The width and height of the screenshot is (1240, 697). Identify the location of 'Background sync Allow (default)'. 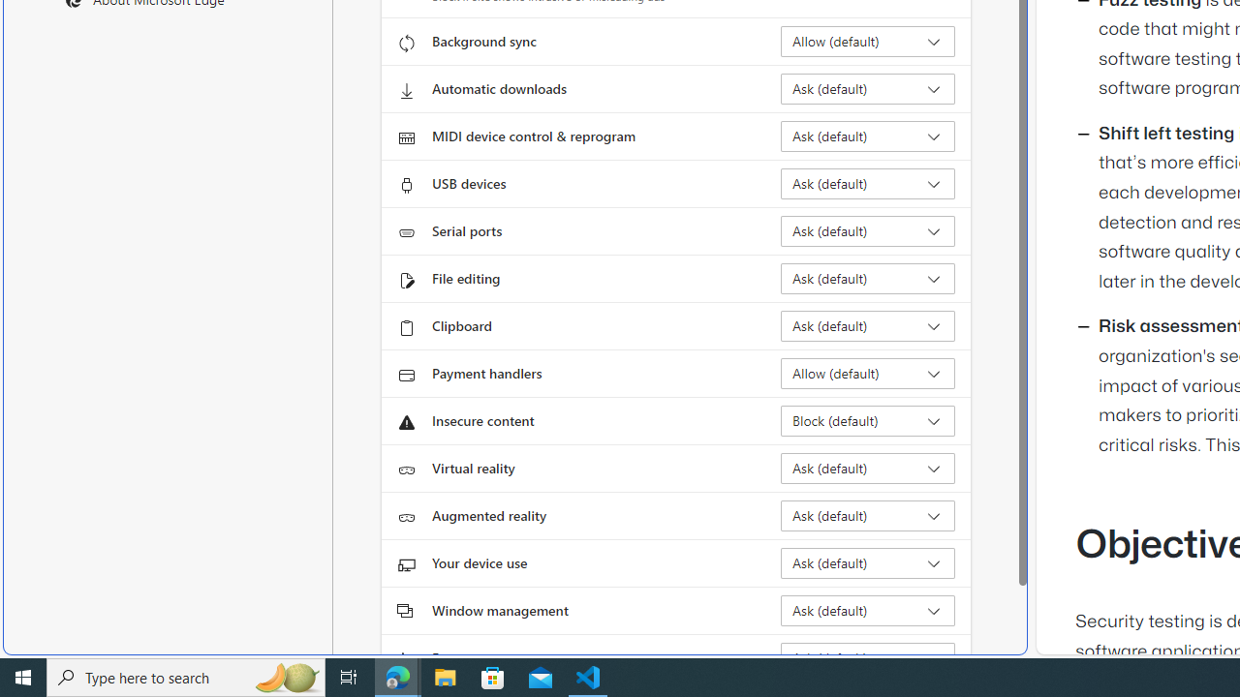
(867, 42).